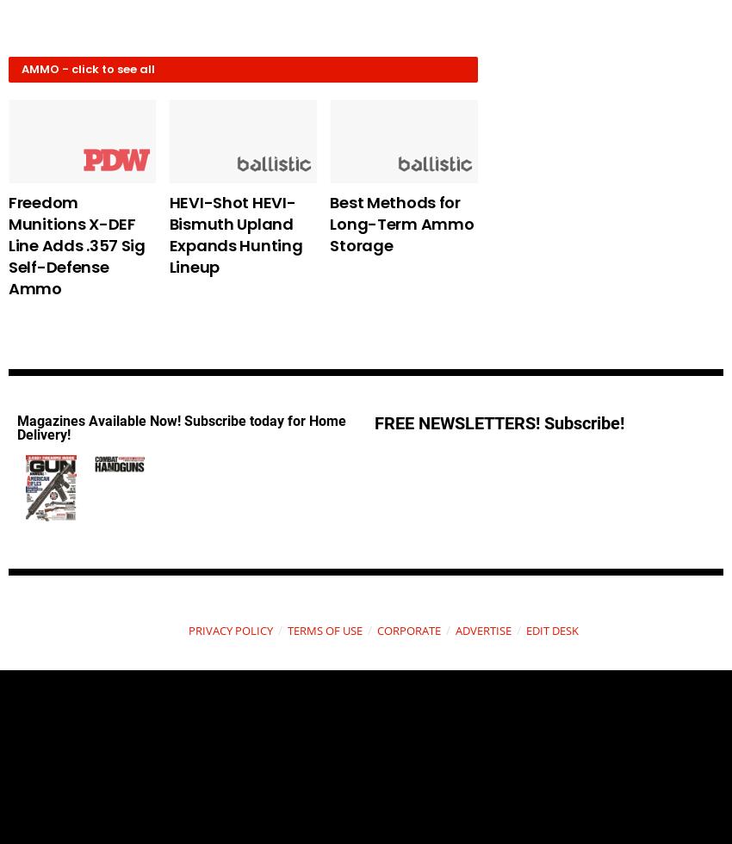 Image resolution: width=732 pixels, height=844 pixels. What do you see at coordinates (408, 631) in the screenshot?
I see `'CORPORATE'` at bounding box center [408, 631].